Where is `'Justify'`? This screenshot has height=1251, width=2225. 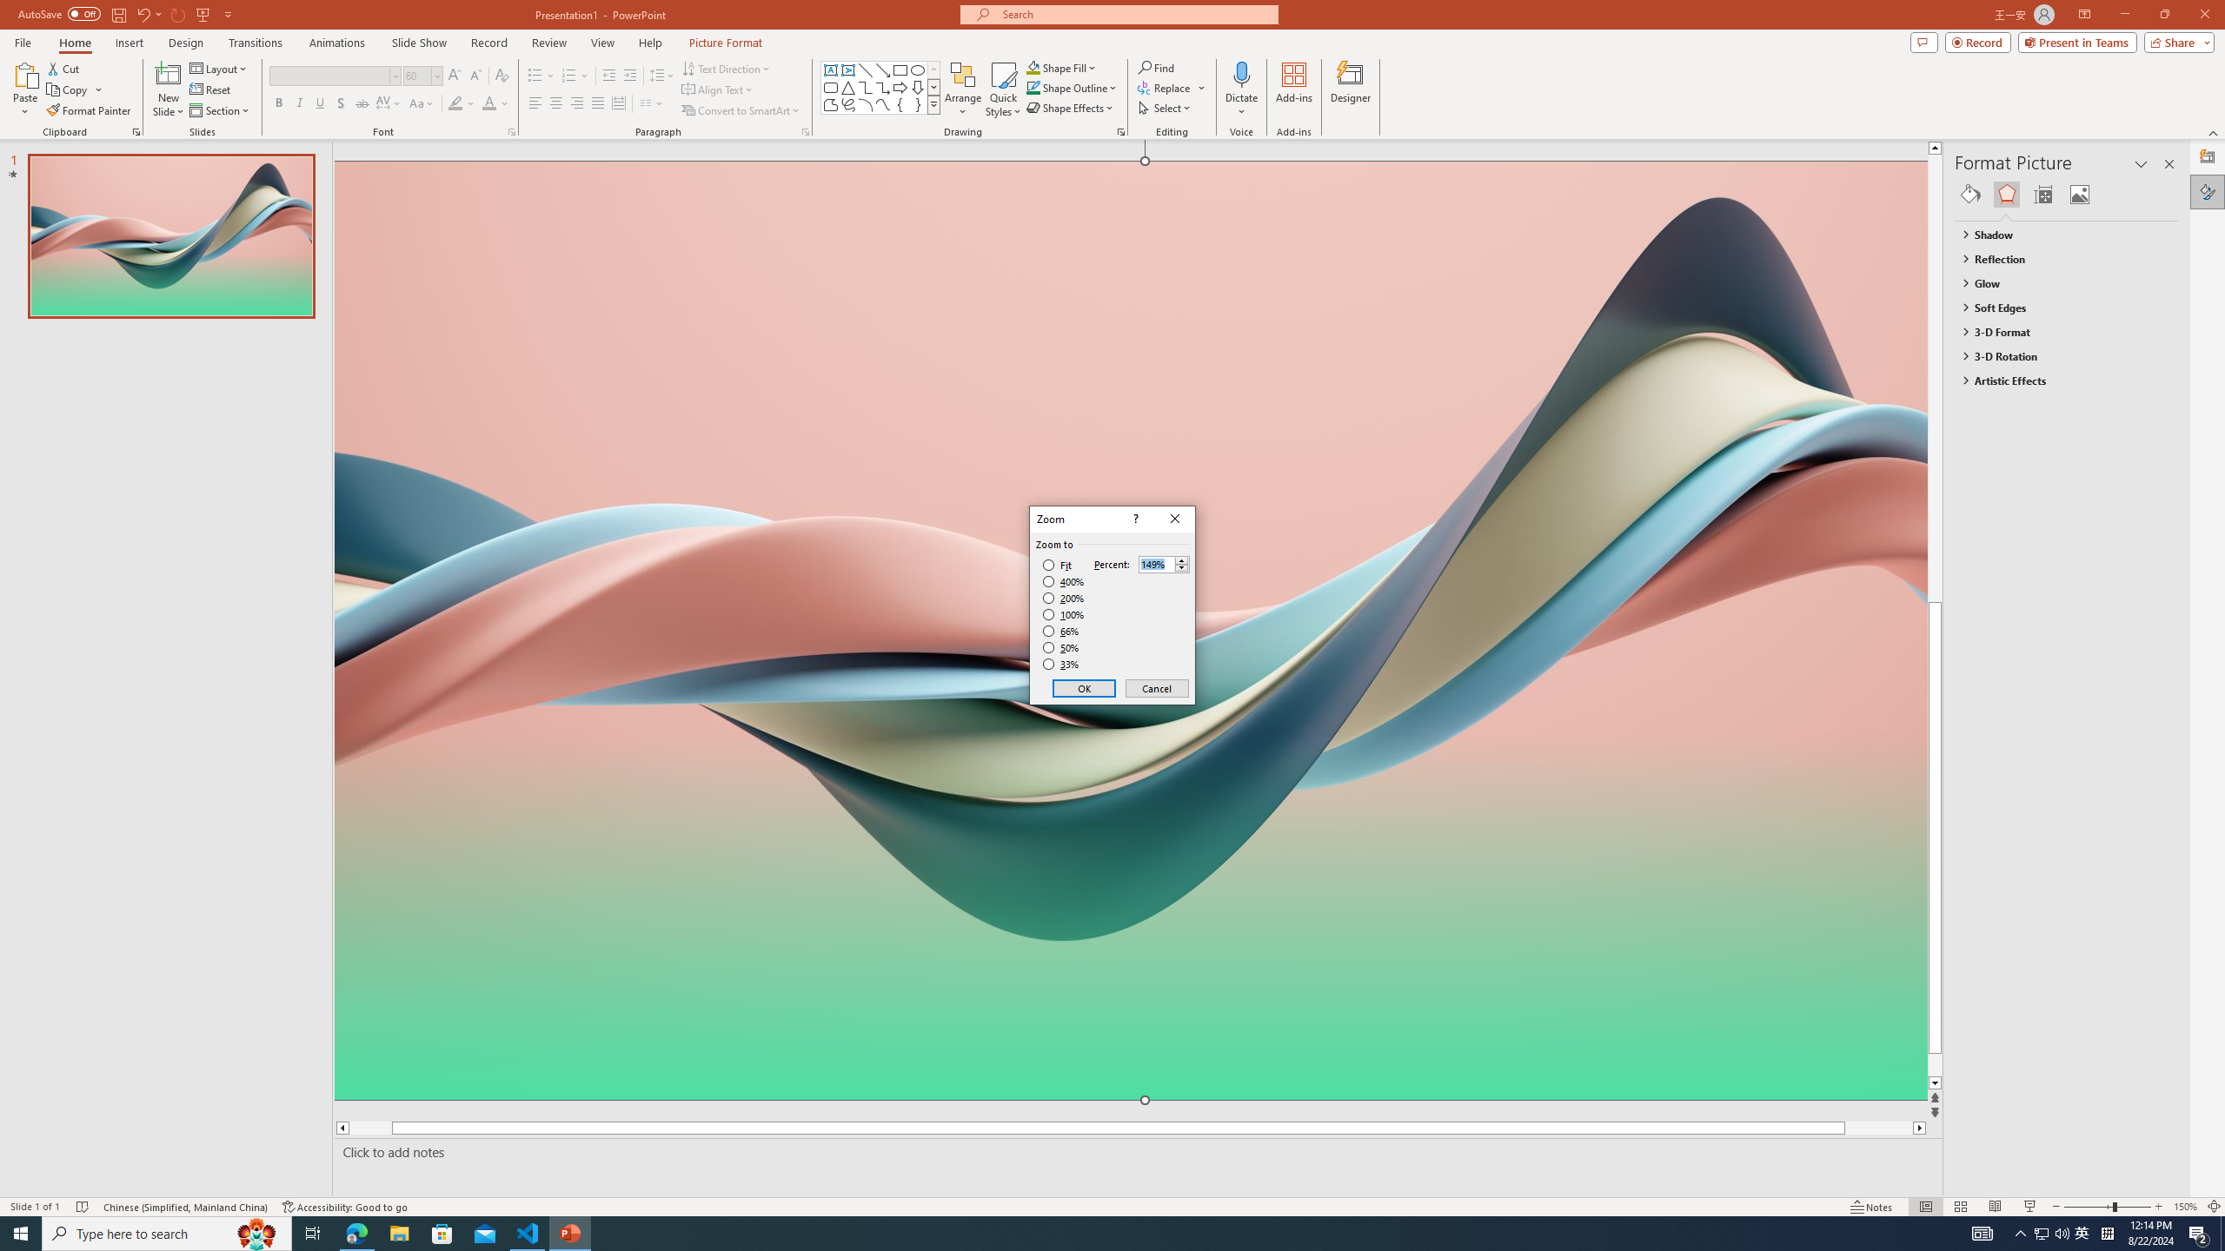
'Justify' is located at coordinates (596, 103).